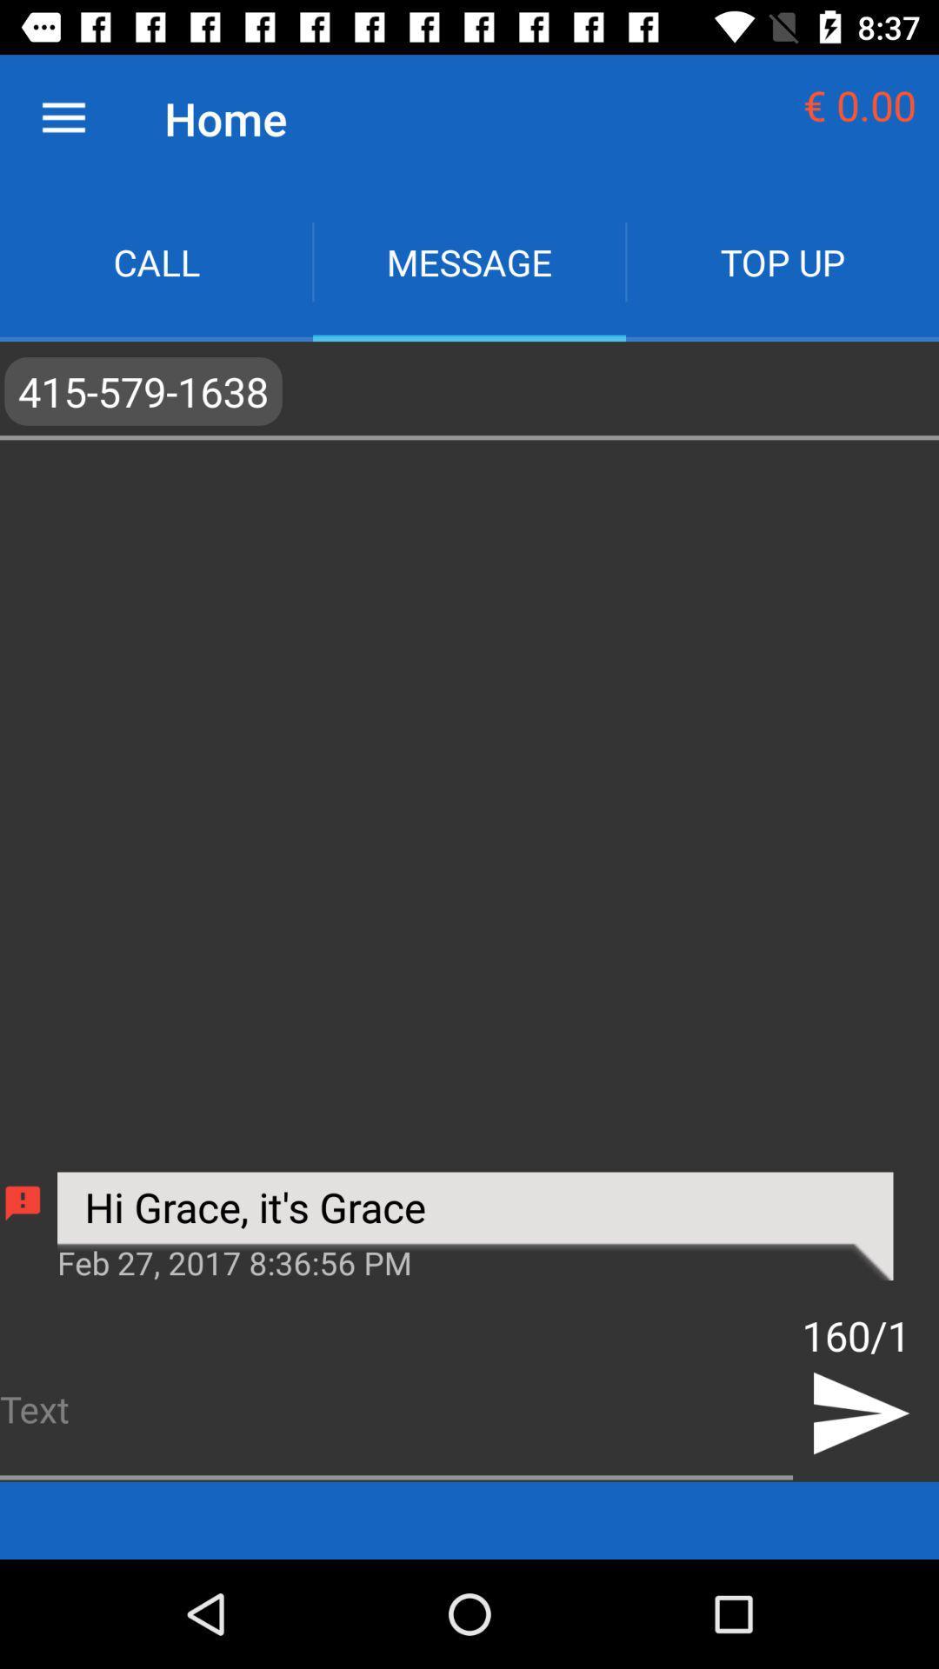 The height and width of the screenshot is (1669, 939). Describe the element at coordinates (23, 1202) in the screenshot. I see `the icon next to hi grace it` at that location.